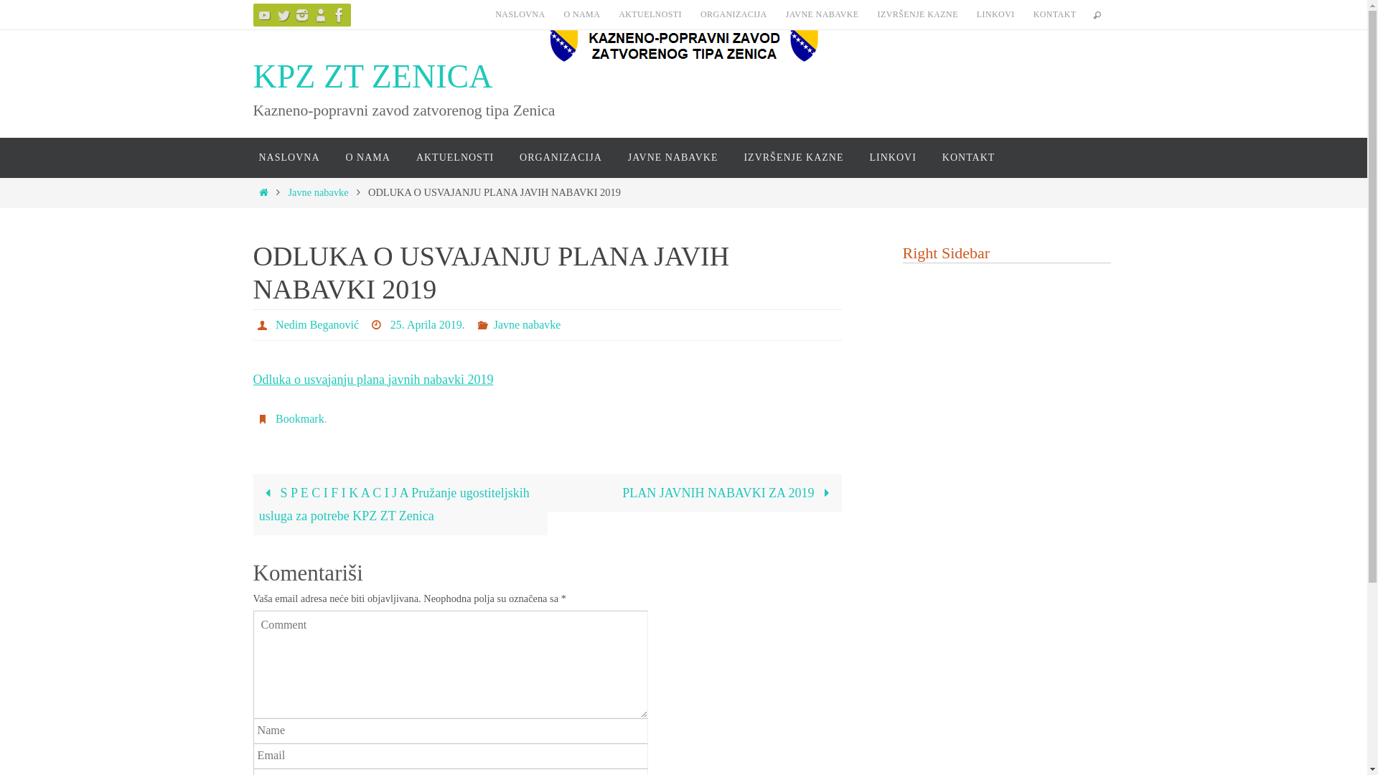 The image size is (1378, 775). I want to click on 'Author ', so click(255, 324).